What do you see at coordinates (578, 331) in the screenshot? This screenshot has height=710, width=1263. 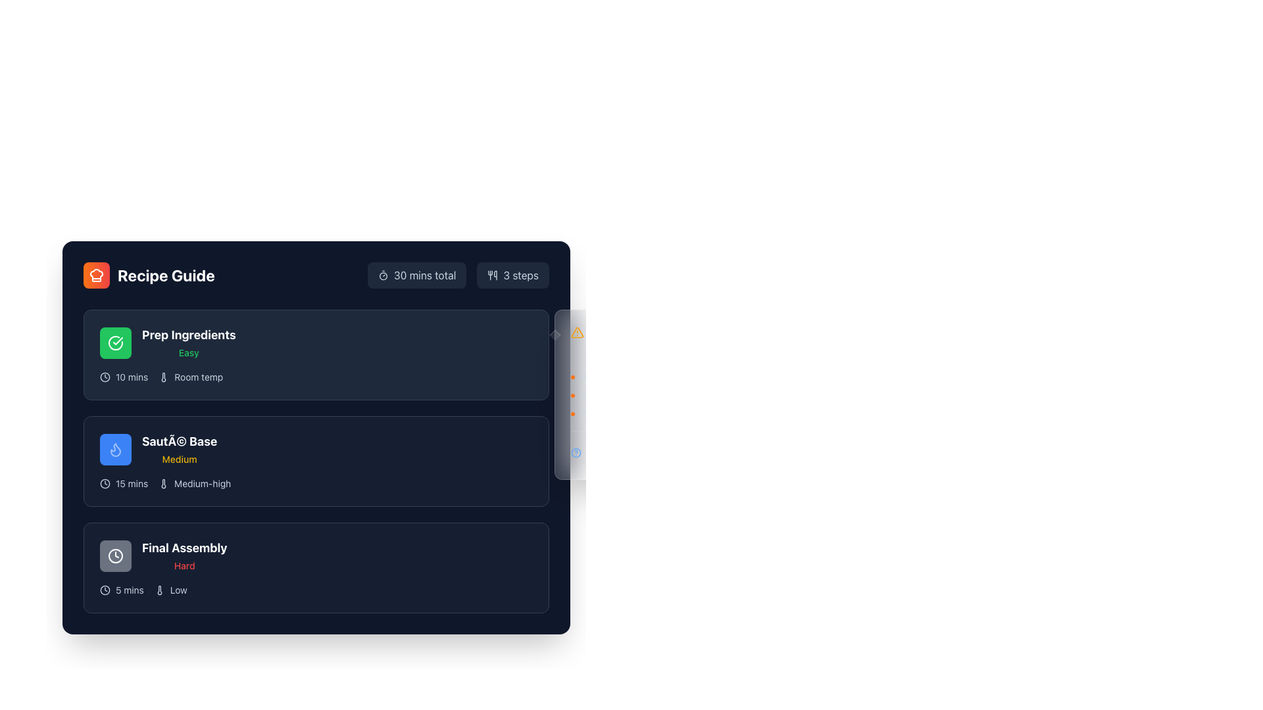 I see `the warning alert icon located on the right side of the main content area, near the vertical scroll region in the mid-upper section of the visible sidebar` at bounding box center [578, 331].